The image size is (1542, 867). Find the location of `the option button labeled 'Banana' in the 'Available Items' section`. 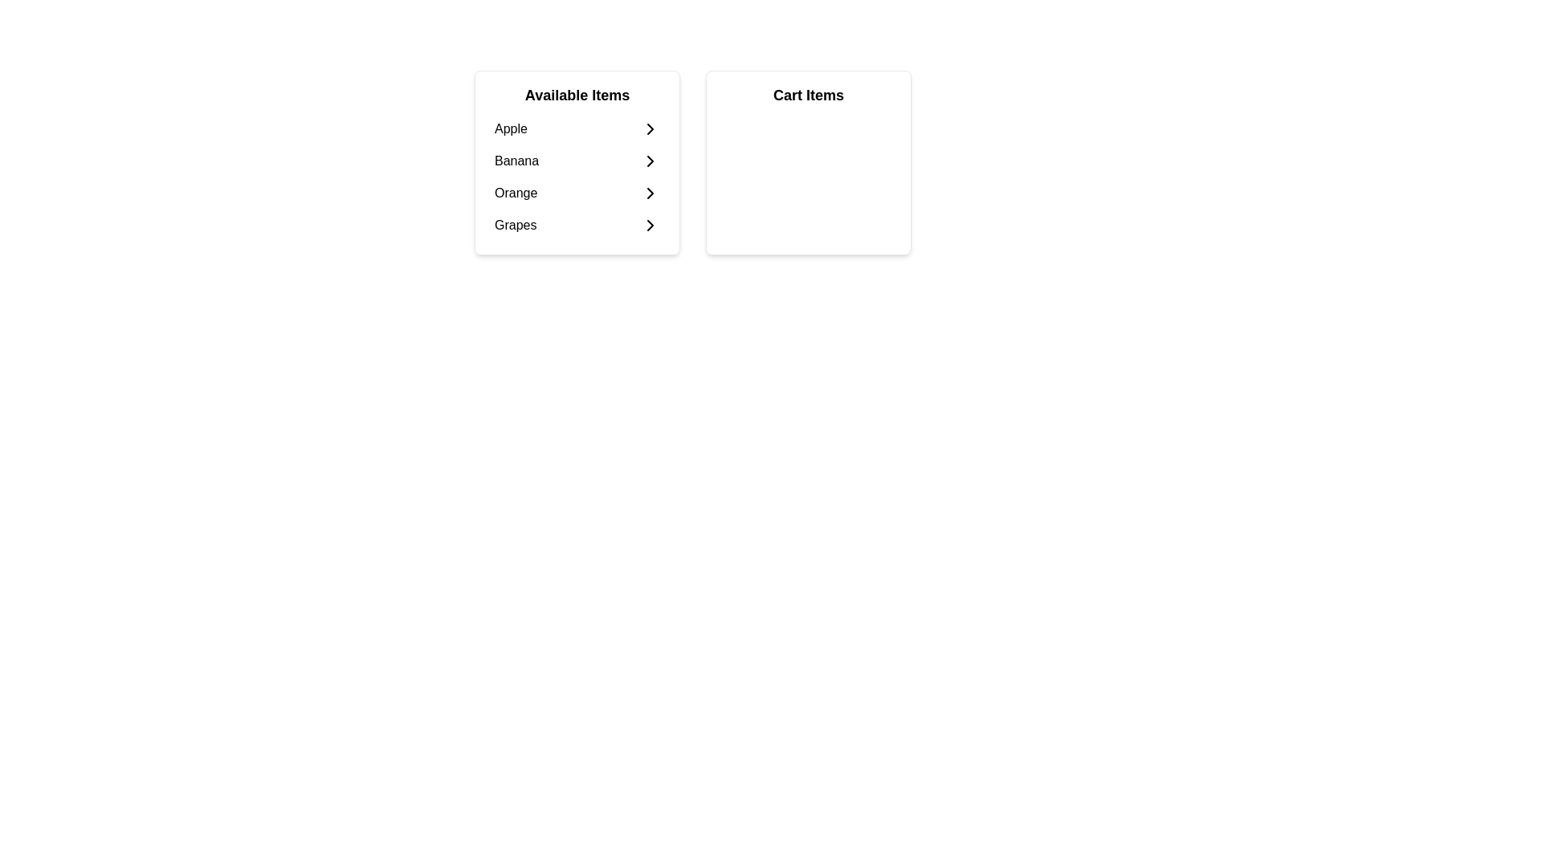

the option button labeled 'Banana' in the 'Available Items' section is located at coordinates (577, 161).